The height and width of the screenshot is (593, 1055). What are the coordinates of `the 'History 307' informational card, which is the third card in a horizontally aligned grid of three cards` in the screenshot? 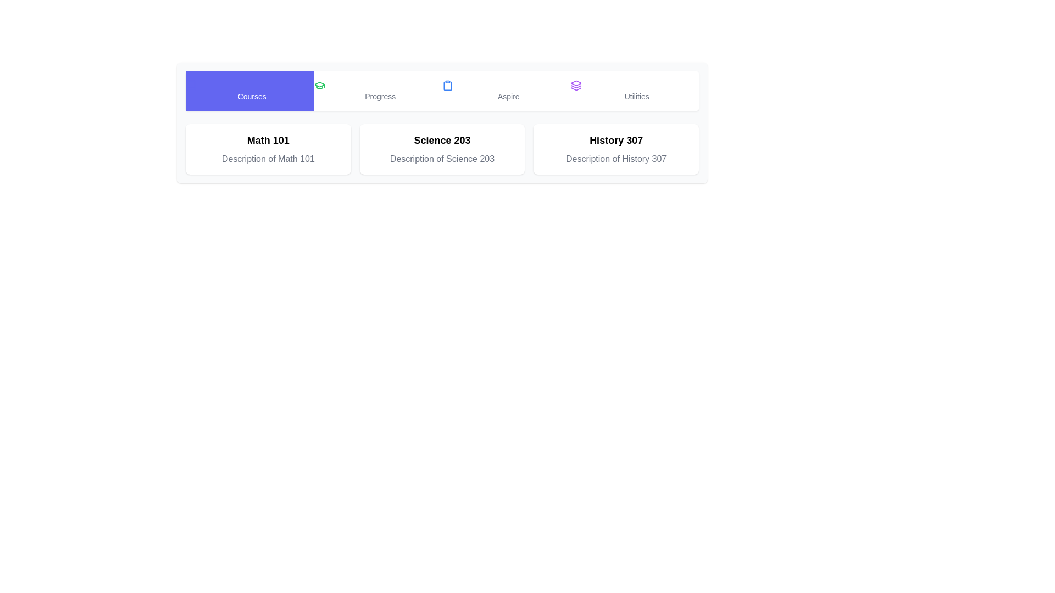 It's located at (616, 149).